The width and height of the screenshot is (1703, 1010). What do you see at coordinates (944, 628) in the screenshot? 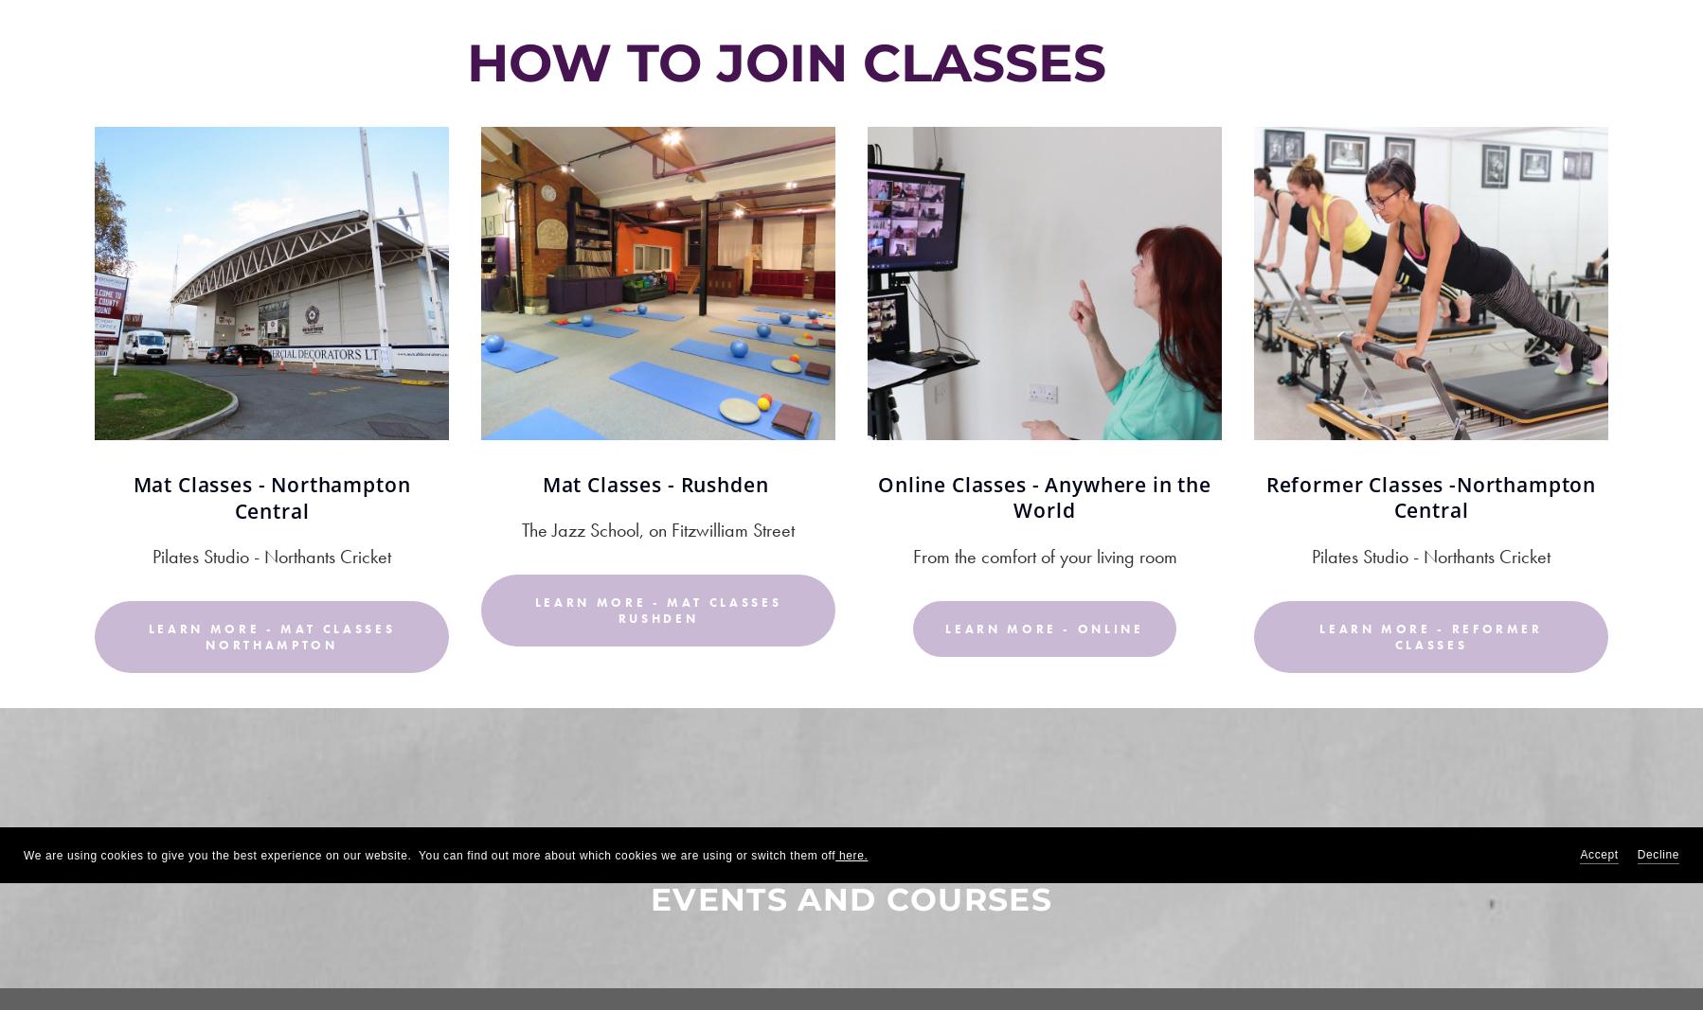
I see `'Learn more - Online'` at bounding box center [944, 628].